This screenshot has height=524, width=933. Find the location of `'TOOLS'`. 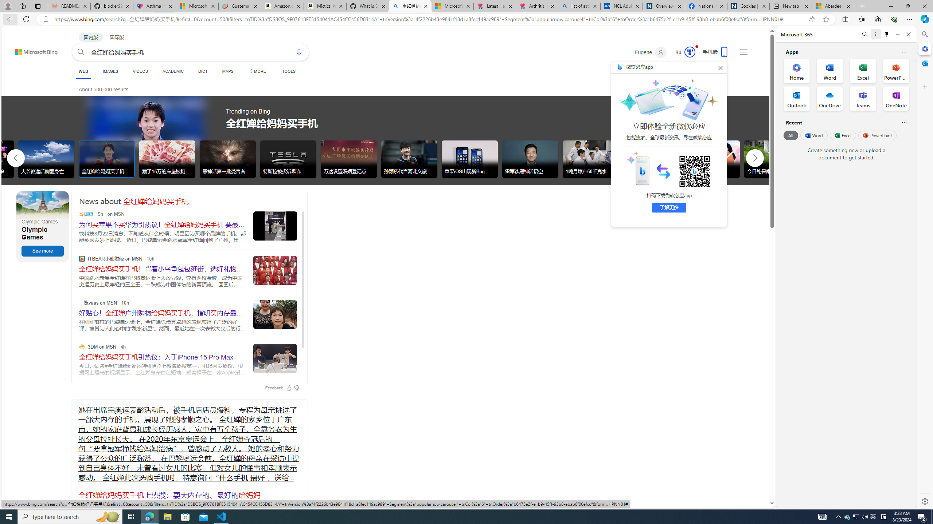

'TOOLS' is located at coordinates (288, 71).